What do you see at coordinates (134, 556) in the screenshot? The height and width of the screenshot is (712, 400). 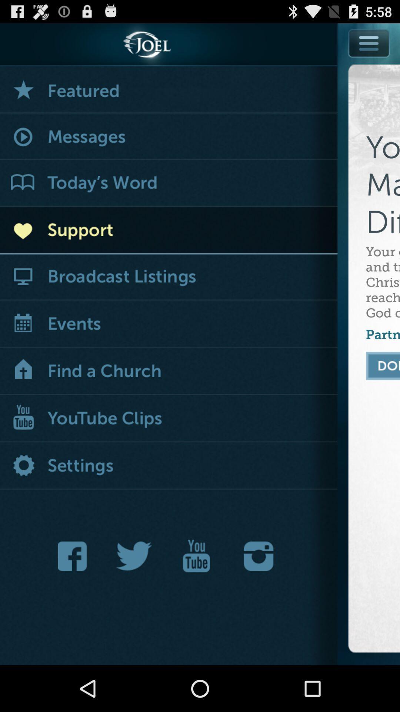 I see `share to twitter` at bounding box center [134, 556].